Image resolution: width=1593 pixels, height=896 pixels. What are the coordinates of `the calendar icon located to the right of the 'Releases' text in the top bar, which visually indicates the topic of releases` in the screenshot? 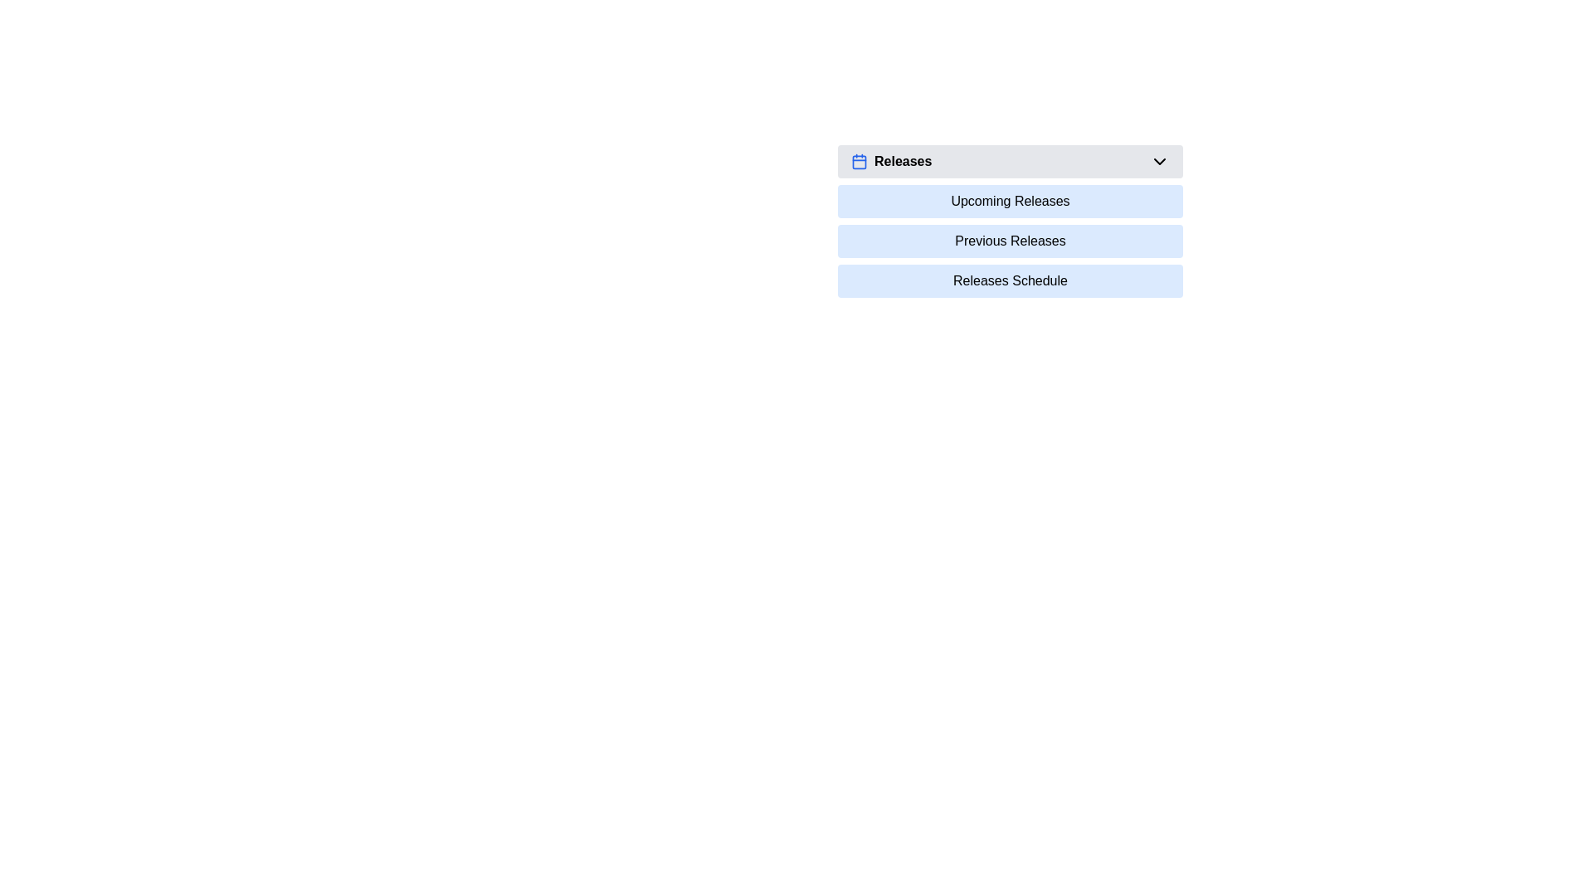 It's located at (860, 162).